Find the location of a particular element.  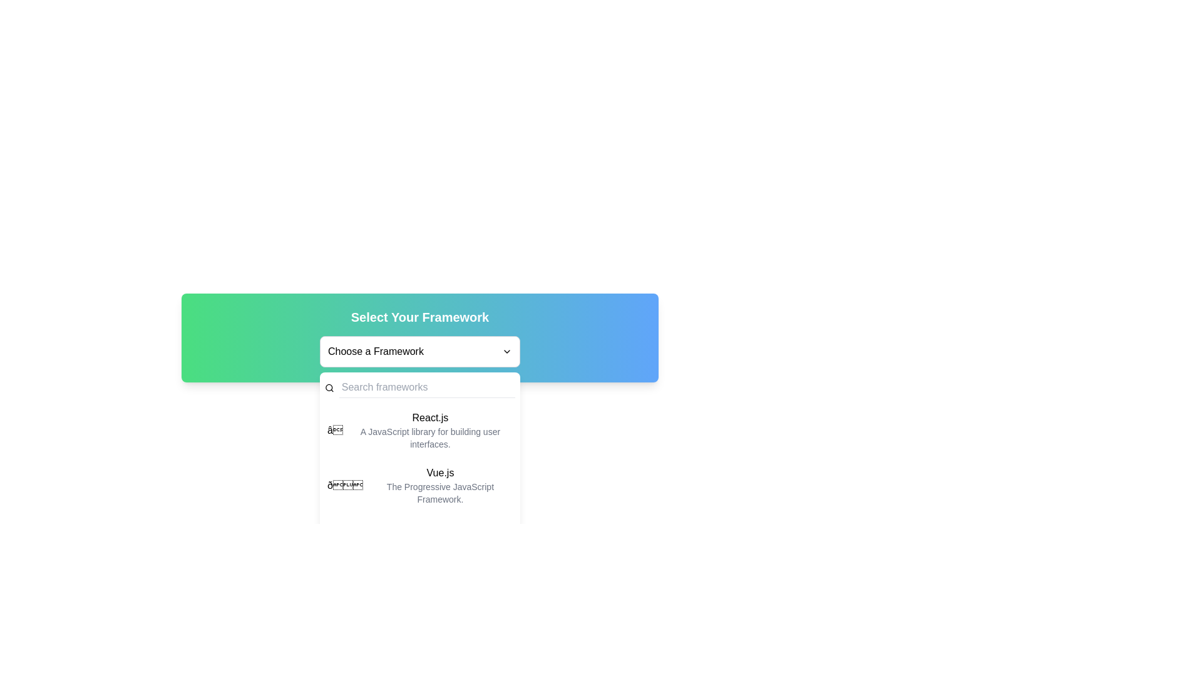

the dropdown list of JavaScript frameworks is located at coordinates (420, 484).